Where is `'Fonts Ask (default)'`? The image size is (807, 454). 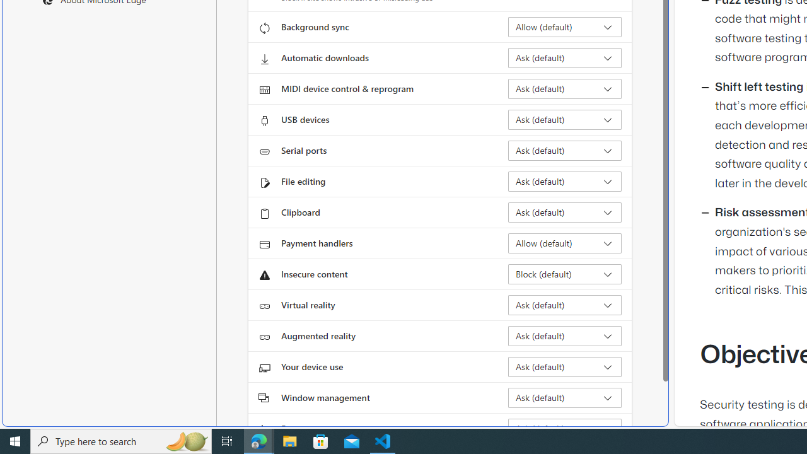
'Fonts Ask (default)' is located at coordinates (564, 428).